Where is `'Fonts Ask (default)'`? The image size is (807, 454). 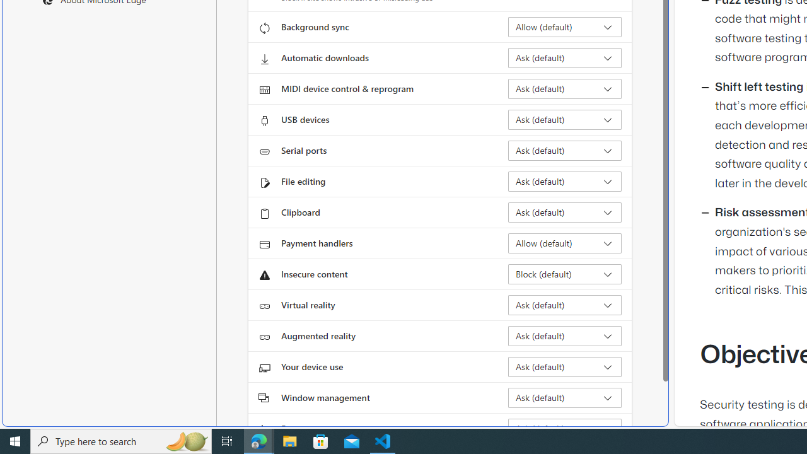
'Fonts Ask (default)' is located at coordinates (564, 428).